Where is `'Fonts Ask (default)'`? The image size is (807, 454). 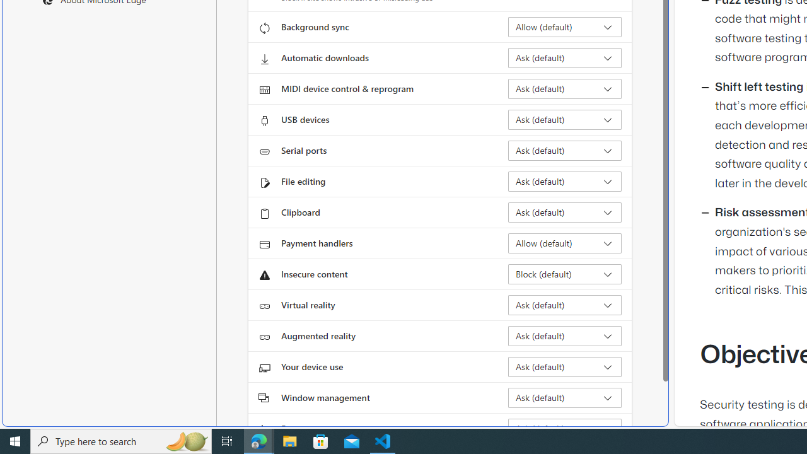
'Fonts Ask (default)' is located at coordinates (564, 428).